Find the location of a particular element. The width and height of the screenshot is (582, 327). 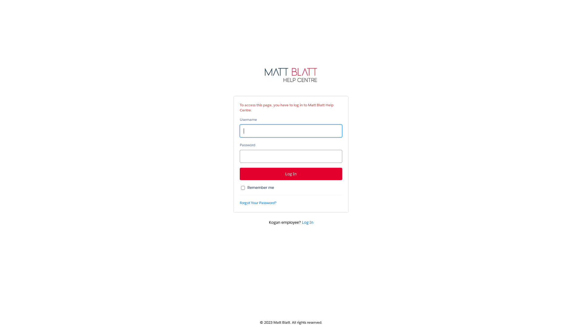

'Forgot Your Password?' is located at coordinates (258, 203).